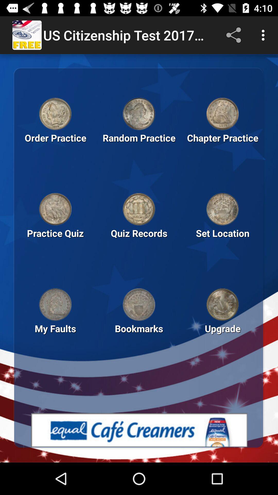 This screenshot has width=278, height=495. I want to click on launch quiz, so click(55, 209).